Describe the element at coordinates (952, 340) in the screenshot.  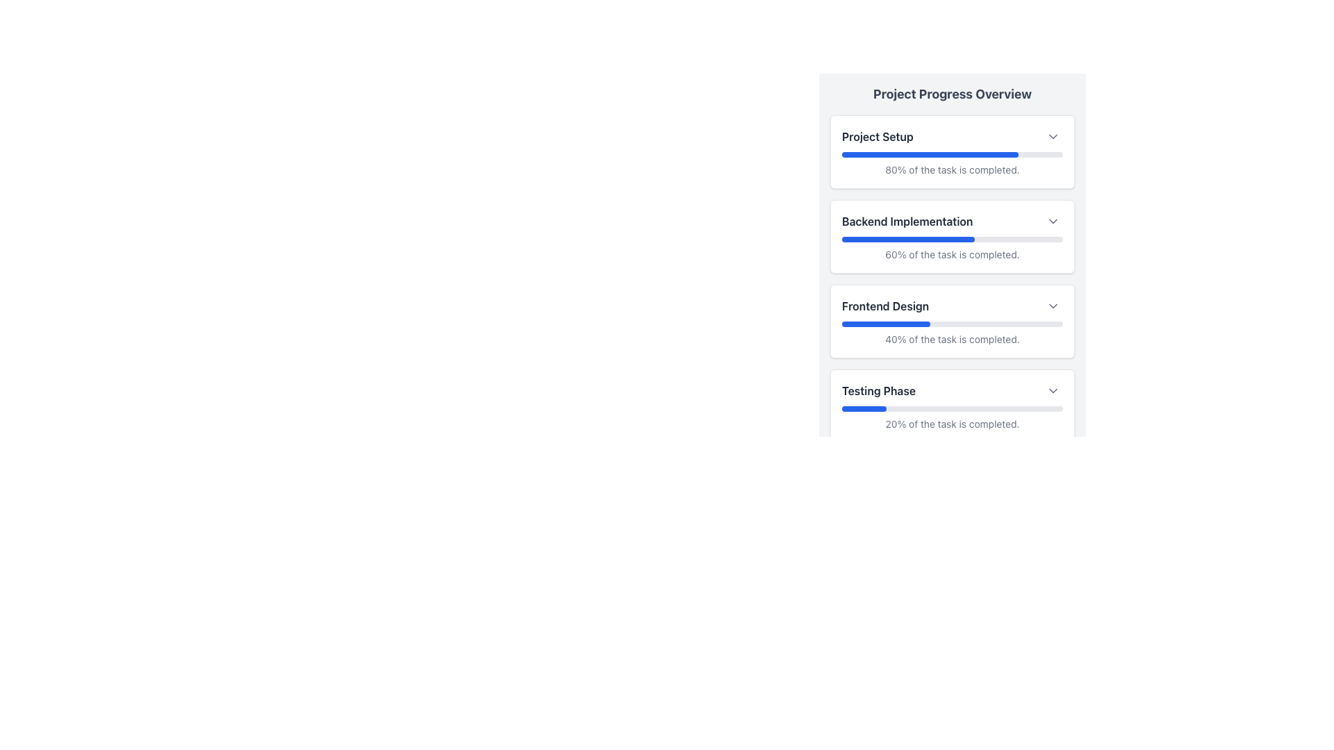
I see `the Text Label displaying '40% of the task is completed.' located beneath the blue progress bar in the 'Frontend Design' section` at that location.